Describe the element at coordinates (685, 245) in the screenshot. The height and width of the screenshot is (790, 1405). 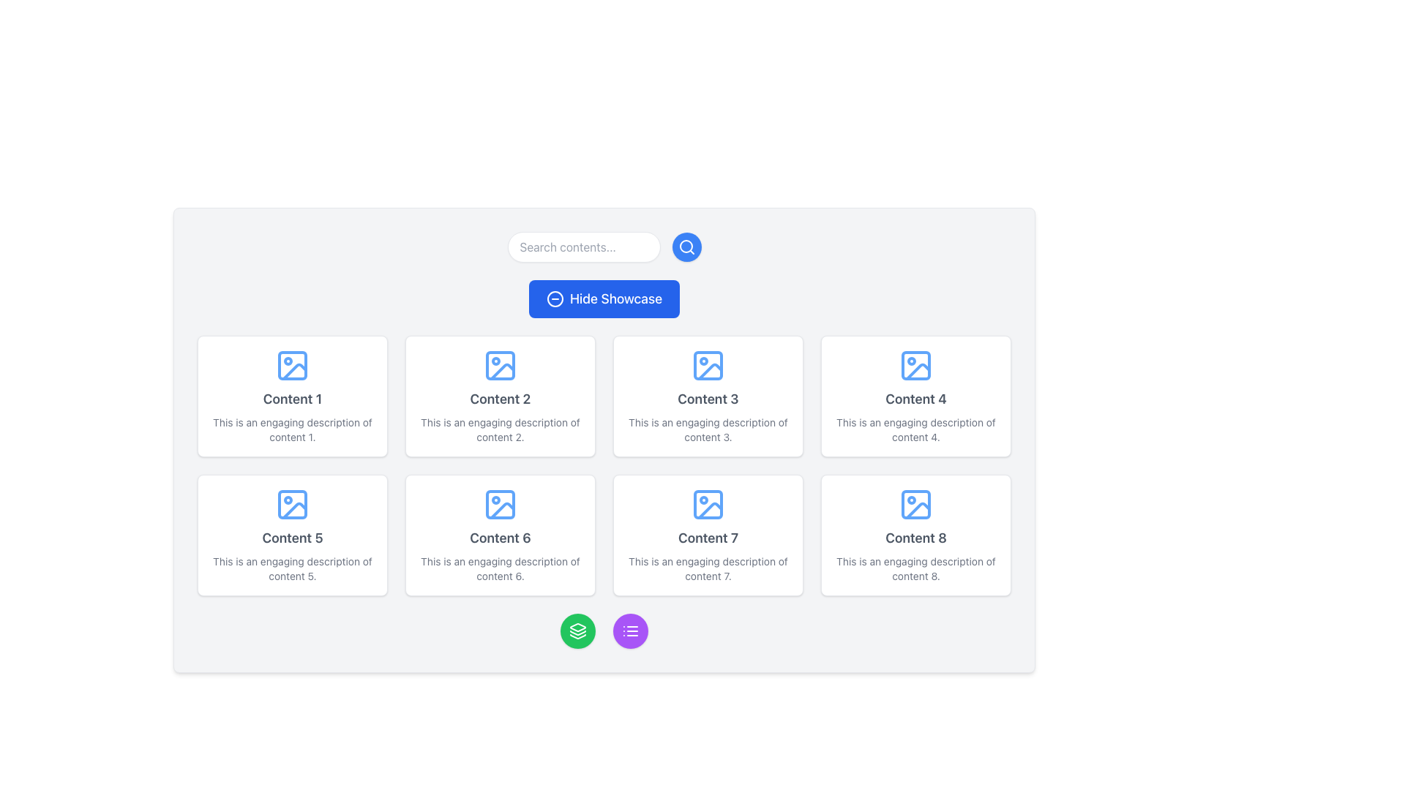
I see `the circular SVG graphic element representing the lens of the magnifying glass in the search icon located at the top-right corner of the interface` at that location.